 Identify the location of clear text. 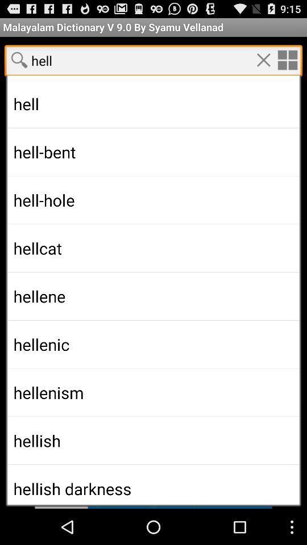
(263, 60).